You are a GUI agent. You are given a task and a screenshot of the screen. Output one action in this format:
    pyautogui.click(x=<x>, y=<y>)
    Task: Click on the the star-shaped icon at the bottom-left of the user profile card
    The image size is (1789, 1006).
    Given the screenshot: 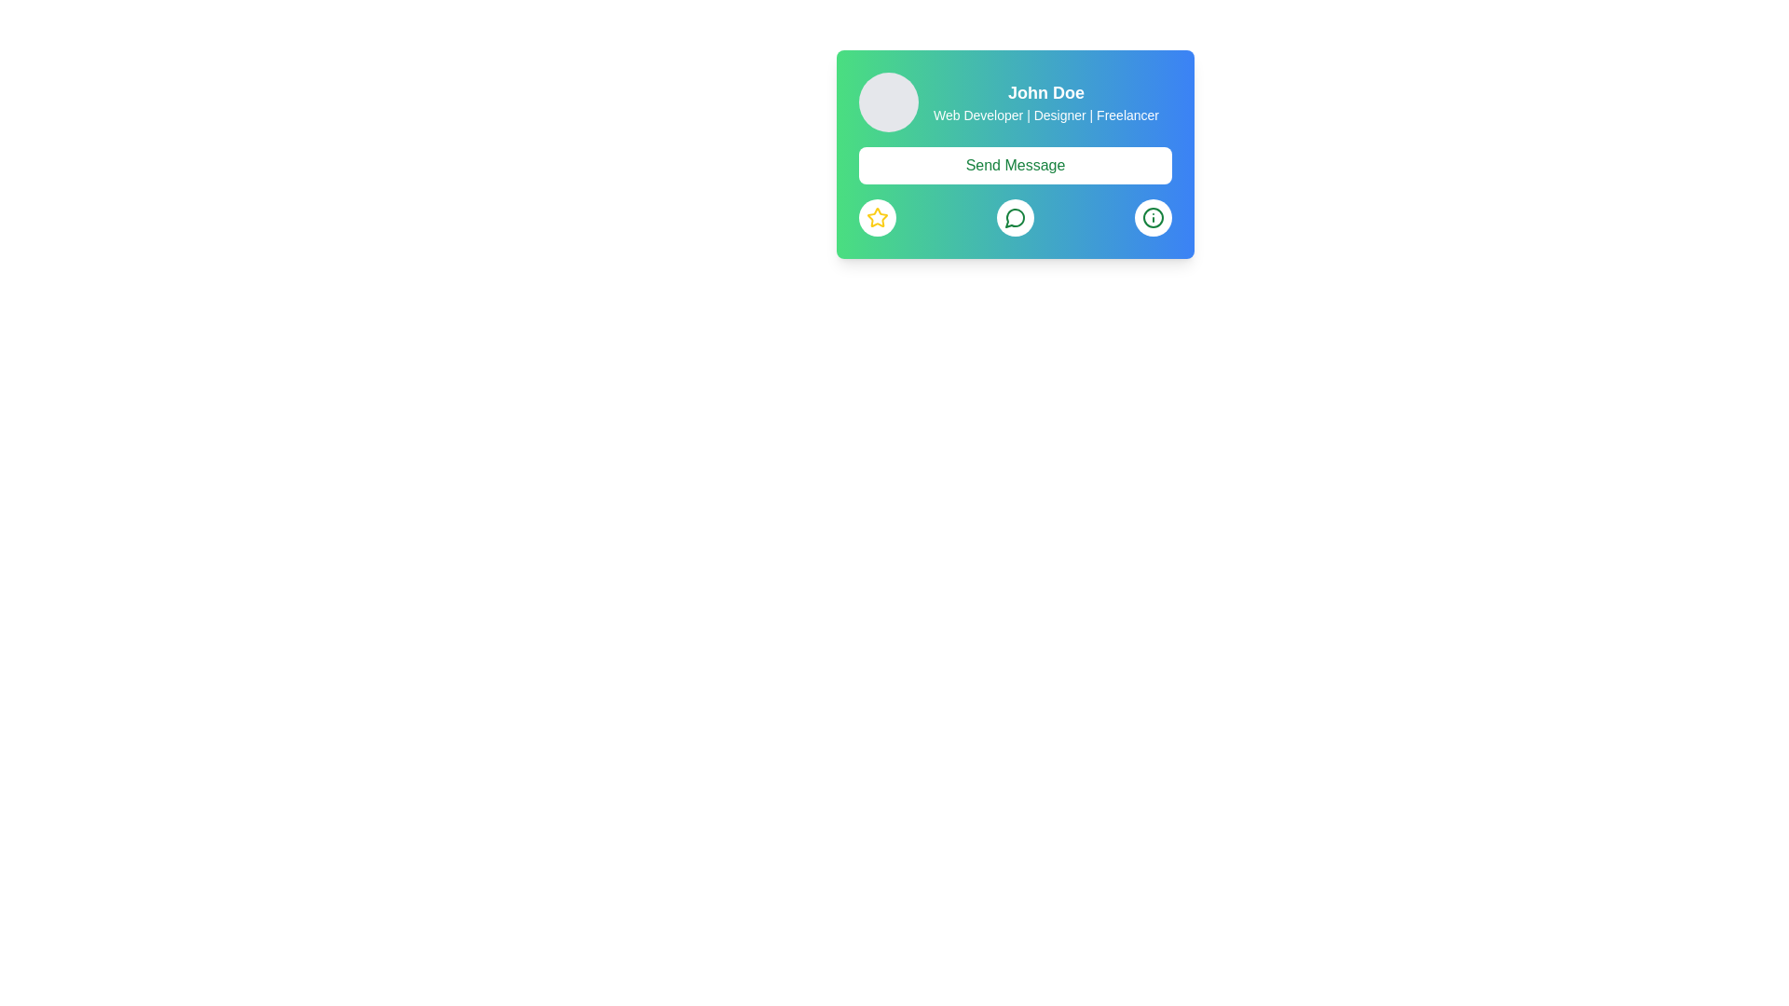 What is the action you would take?
    pyautogui.click(x=876, y=216)
    